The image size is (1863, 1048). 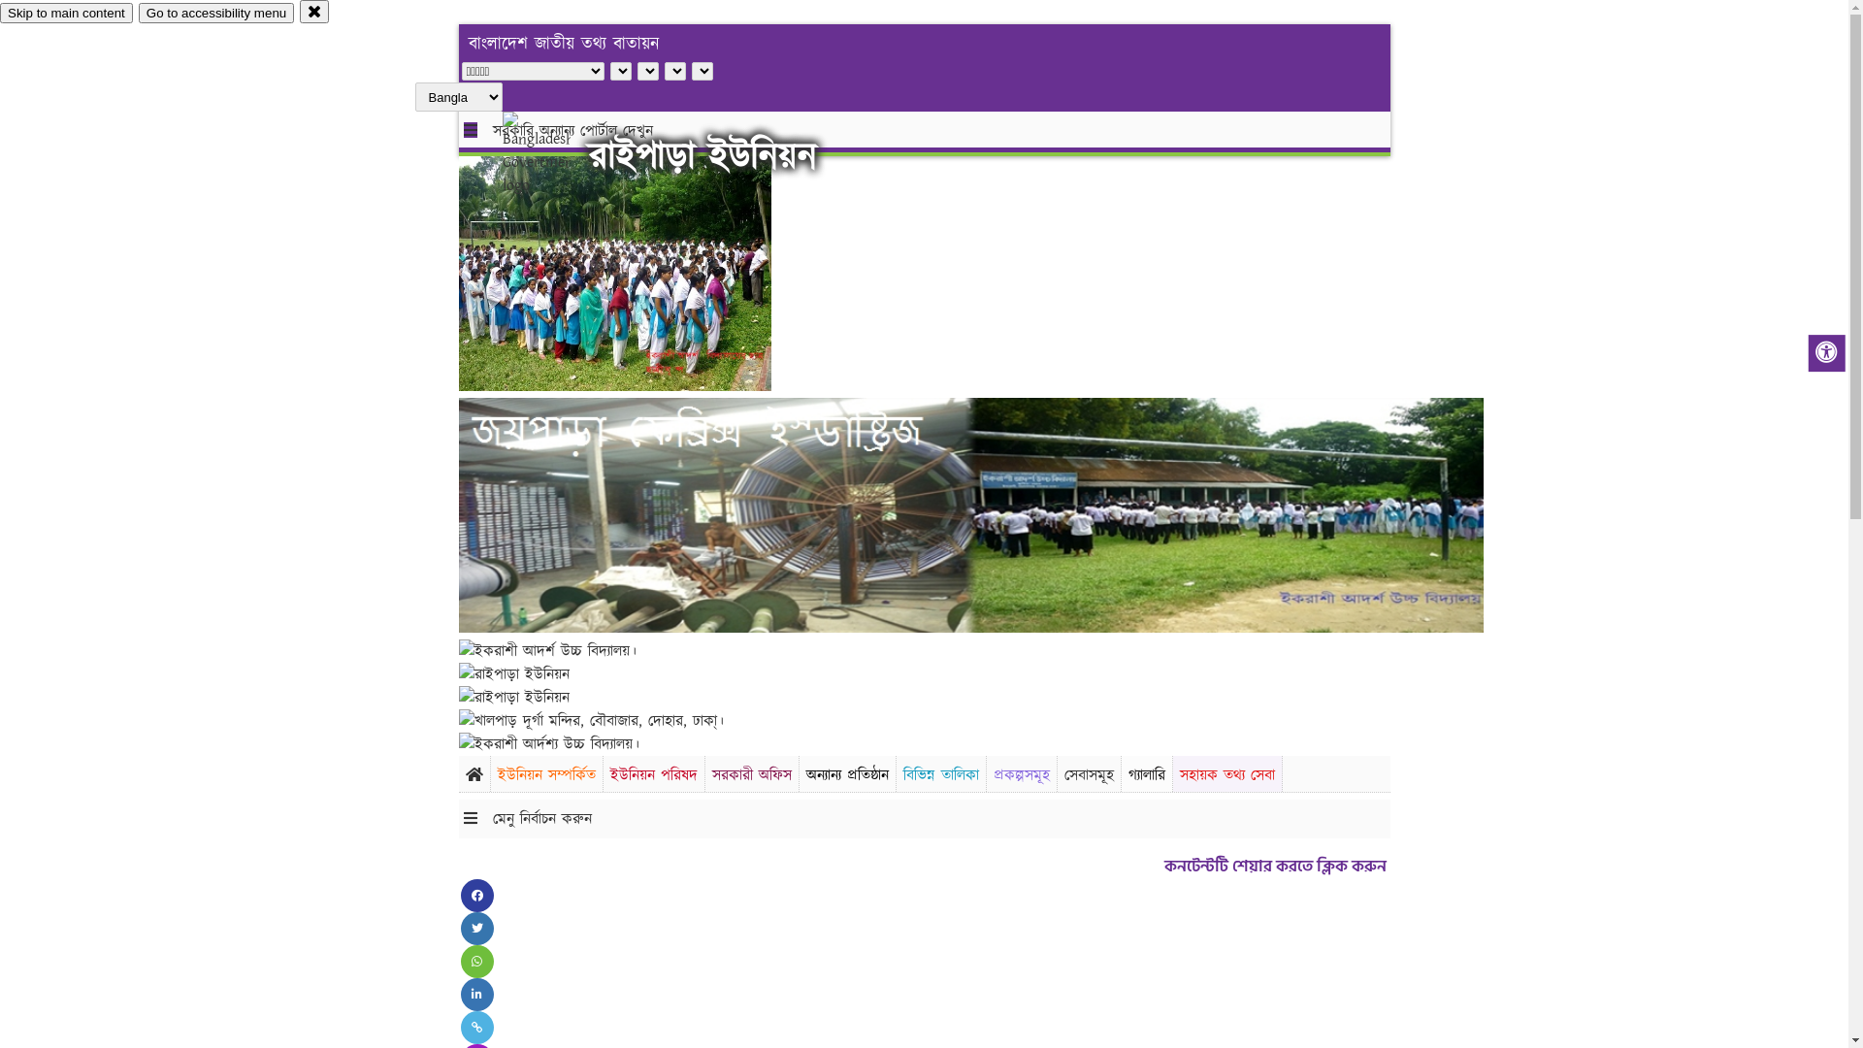 What do you see at coordinates (314, 11) in the screenshot?
I see `'close'` at bounding box center [314, 11].